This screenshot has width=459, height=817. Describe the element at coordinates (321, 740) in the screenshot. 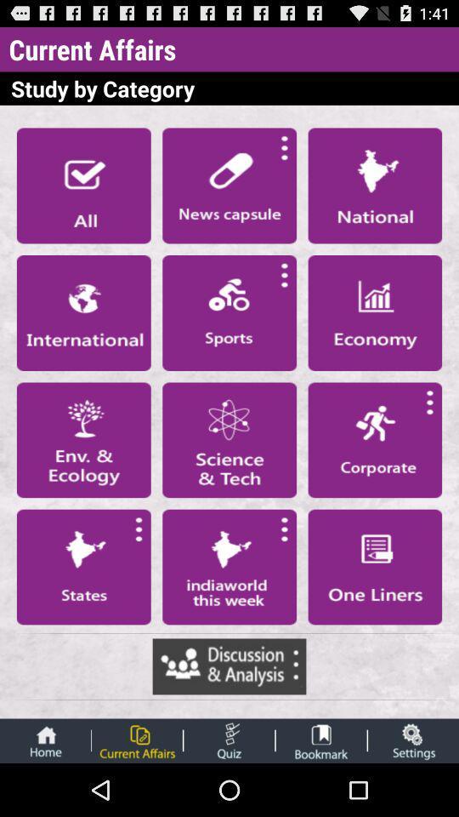

I see `bookmark button` at that location.